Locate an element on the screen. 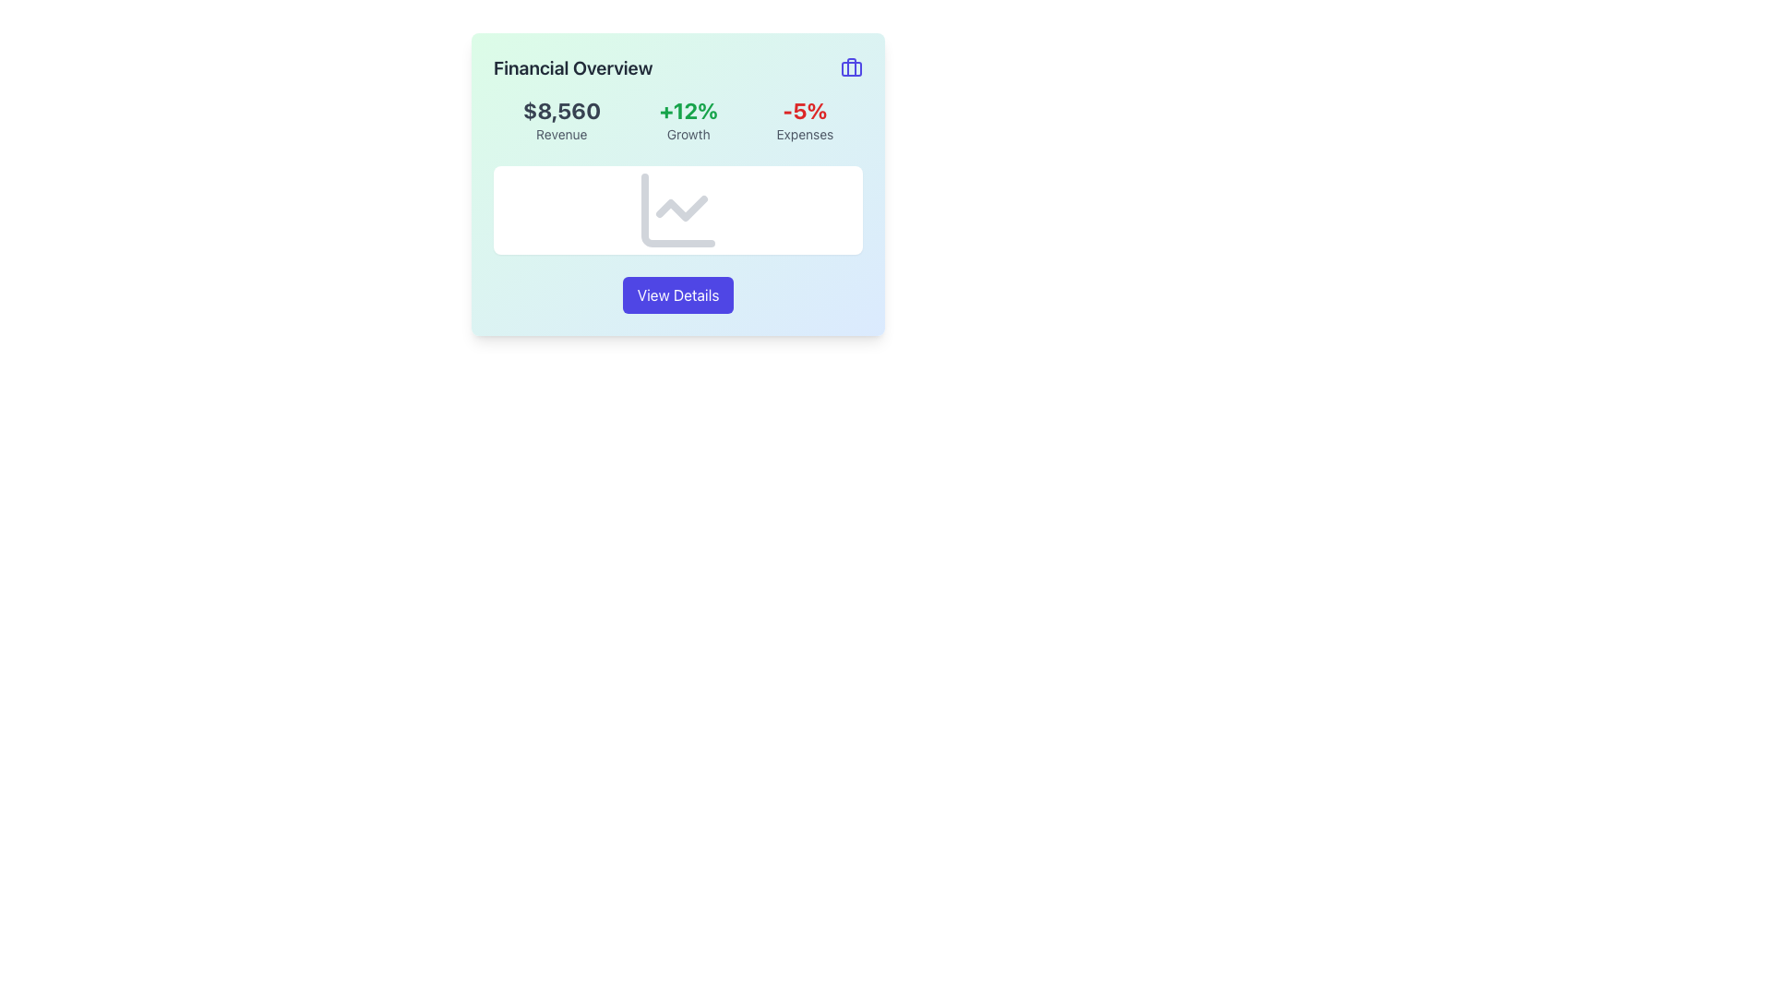  the financial summary stat block displaying total revenue, growth percentage, and expenses percentage, located centrally below the 'Financial Overview' header is located at coordinates (676, 120).